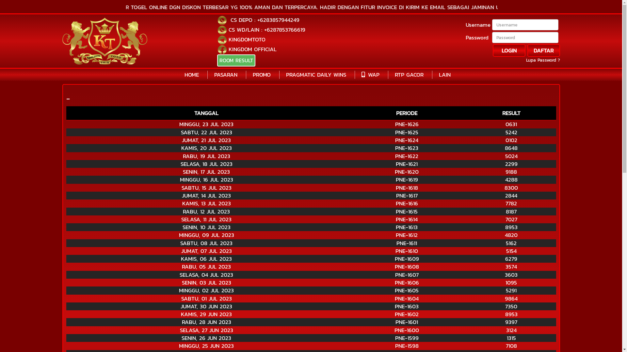  Describe the element at coordinates (444, 74) in the screenshot. I see `'LAIN'` at that location.